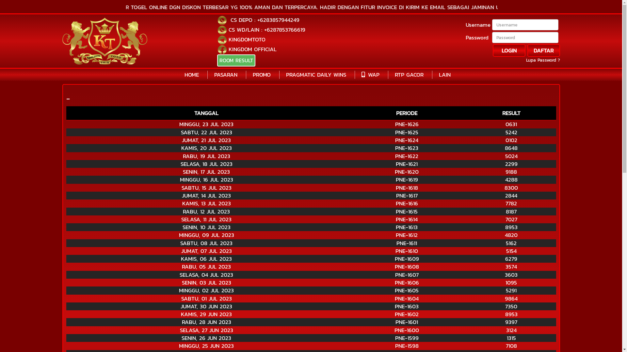  Describe the element at coordinates (444, 74) in the screenshot. I see `'LAIN'` at that location.